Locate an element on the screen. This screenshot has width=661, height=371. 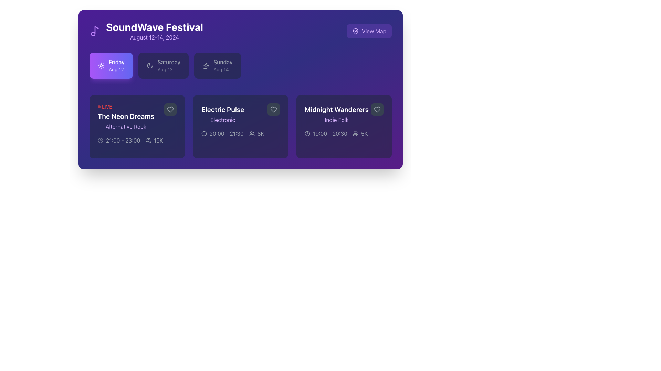
the 'SoundWave Festival' text block is located at coordinates (146, 31).